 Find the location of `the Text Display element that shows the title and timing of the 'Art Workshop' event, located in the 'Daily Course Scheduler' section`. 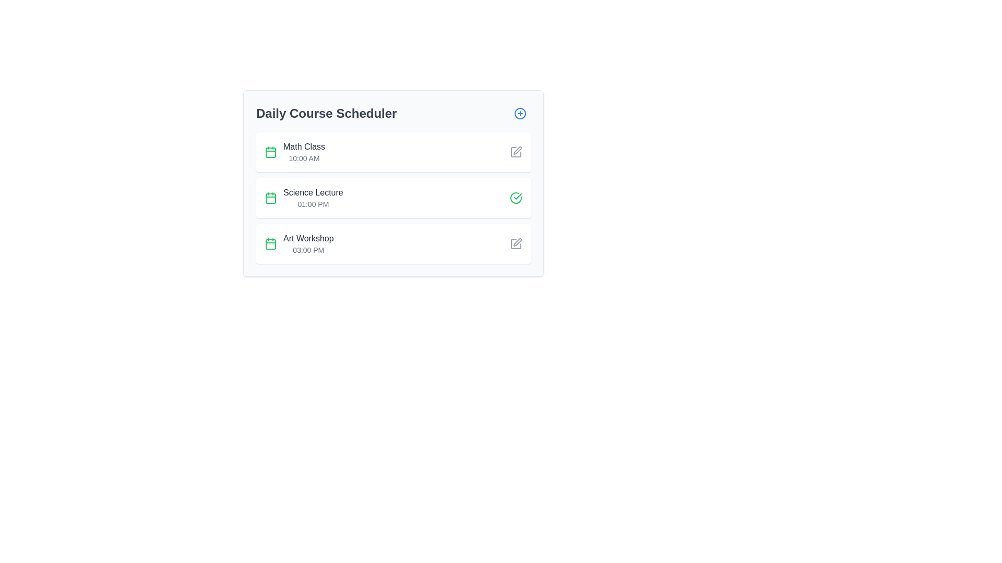

the Text Display element that shows the title and timing of the 'Art Workshop' event, located in the 'Daily Course Scheduler' section is located at coordinates (308, 243).